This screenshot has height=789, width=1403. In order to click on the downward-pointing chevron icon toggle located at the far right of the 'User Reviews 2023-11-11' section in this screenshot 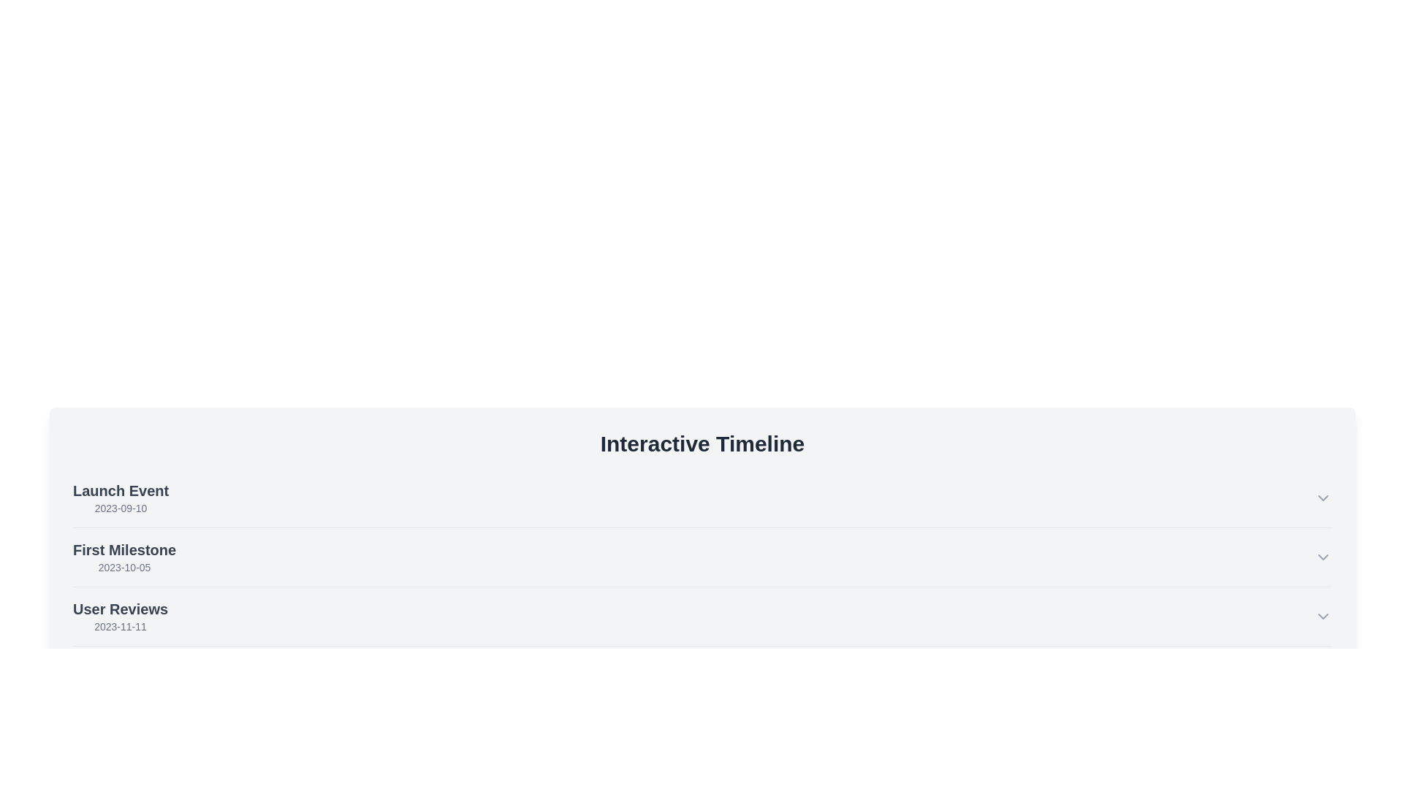, I will do `click(1323, 617)`.